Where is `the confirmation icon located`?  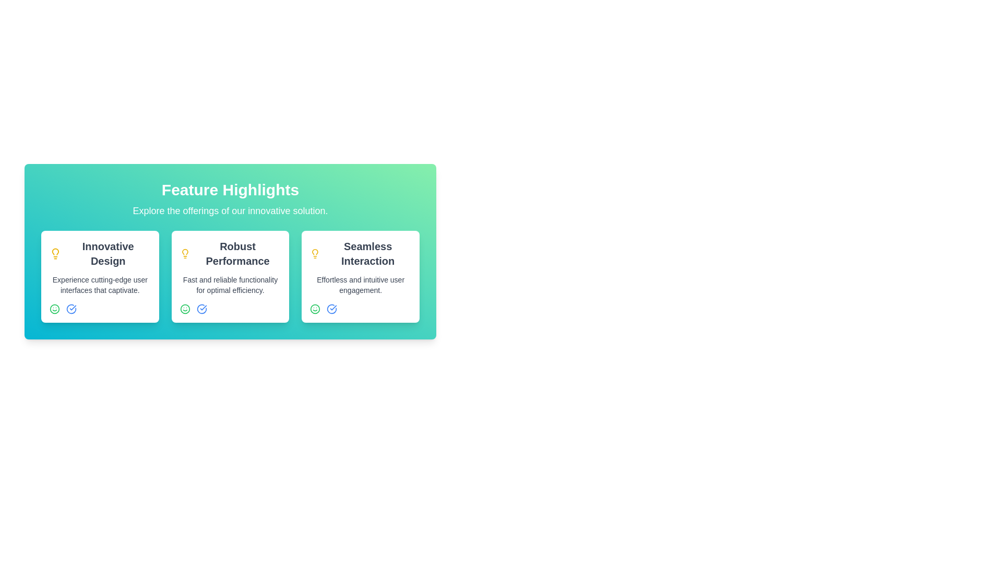 the confirmation icon located is located at coordinates (331, 308).